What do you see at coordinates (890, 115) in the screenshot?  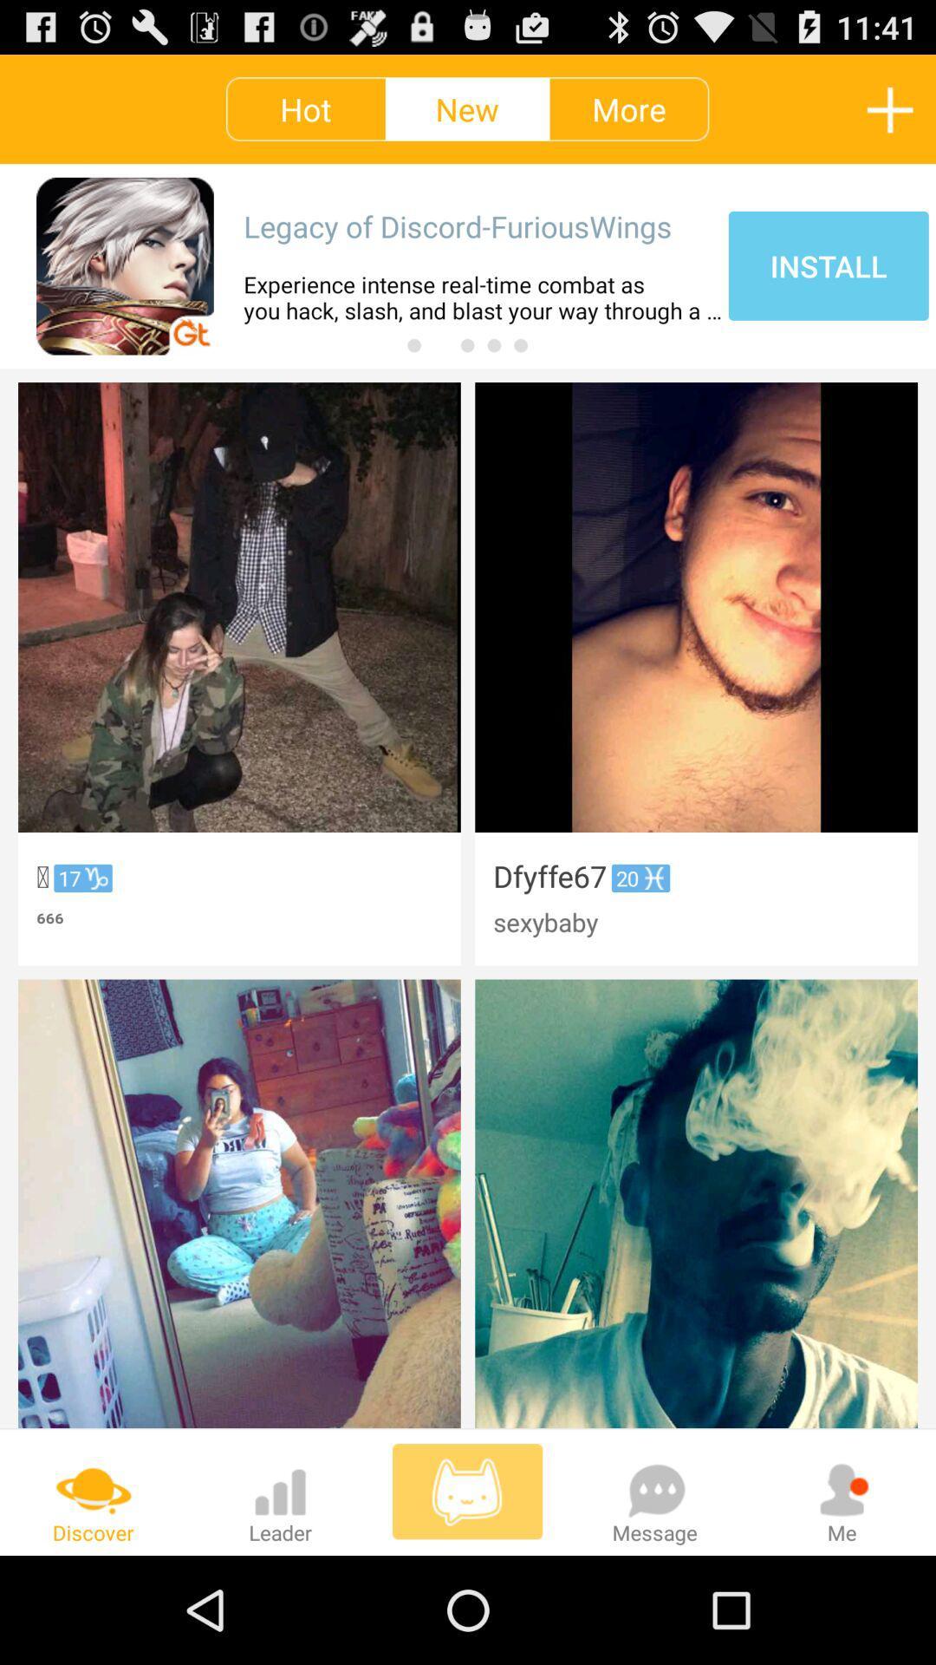 I see `the add icon` at bounding box center [890, 115].